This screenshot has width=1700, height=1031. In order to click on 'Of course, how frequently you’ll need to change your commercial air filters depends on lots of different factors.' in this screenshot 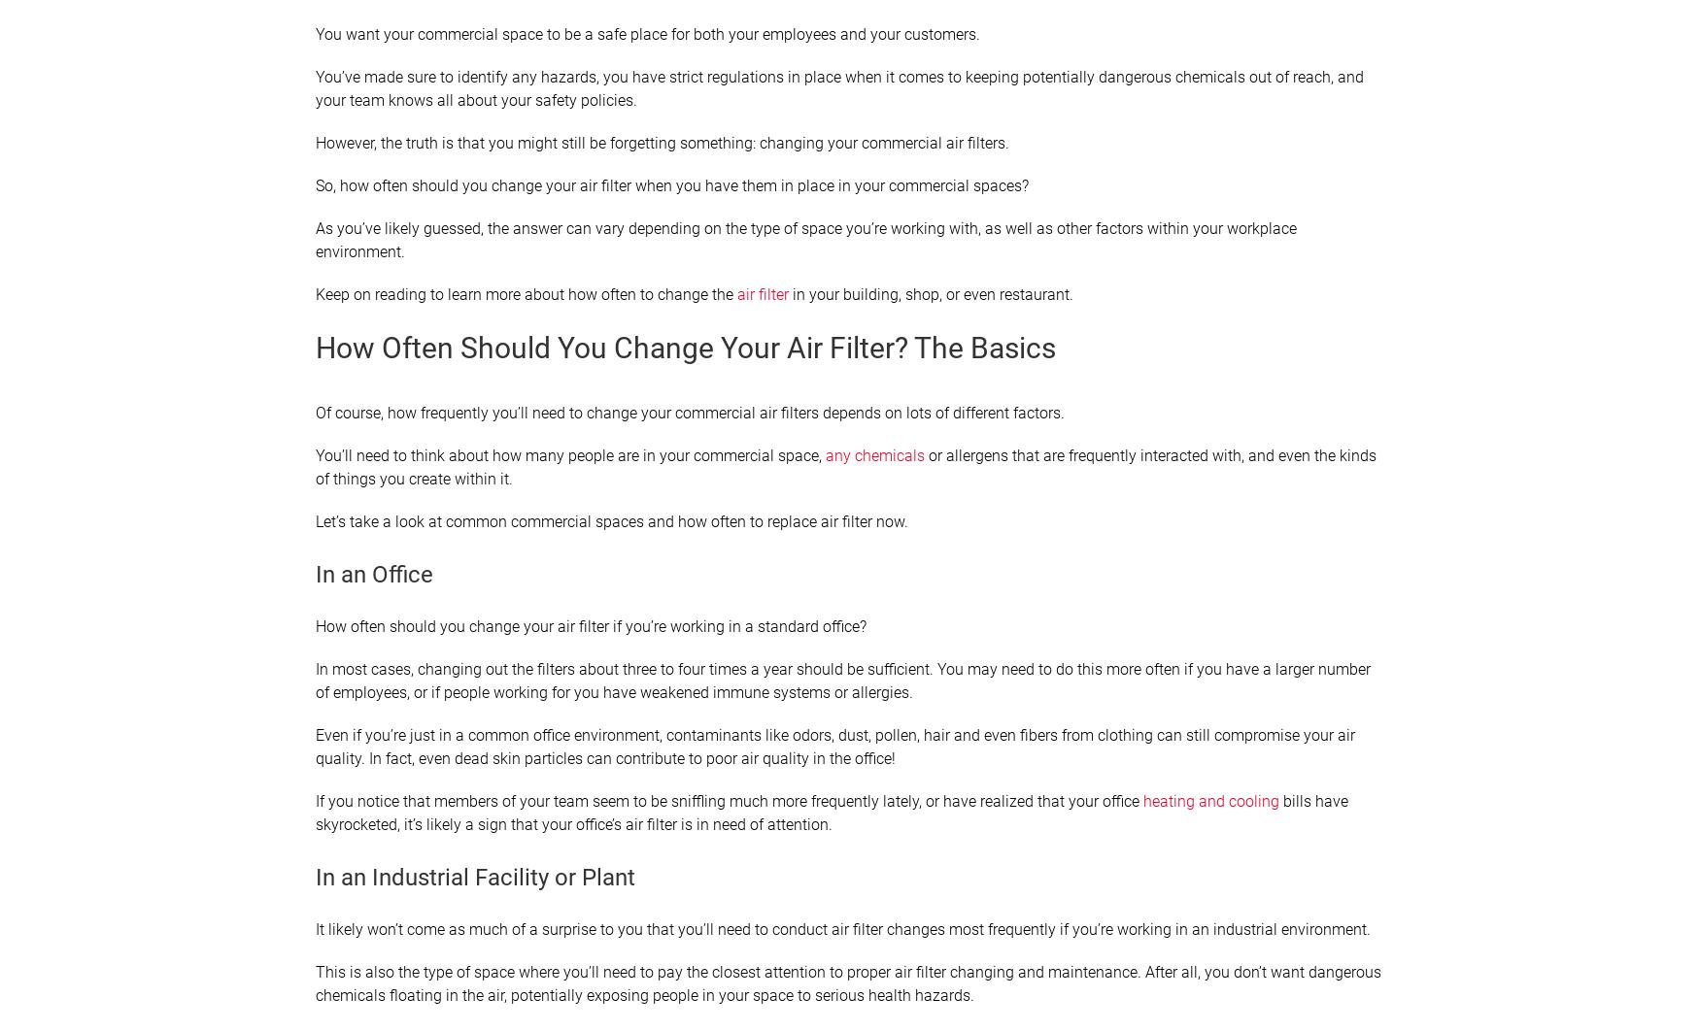, I will do `click(690, 412)`.